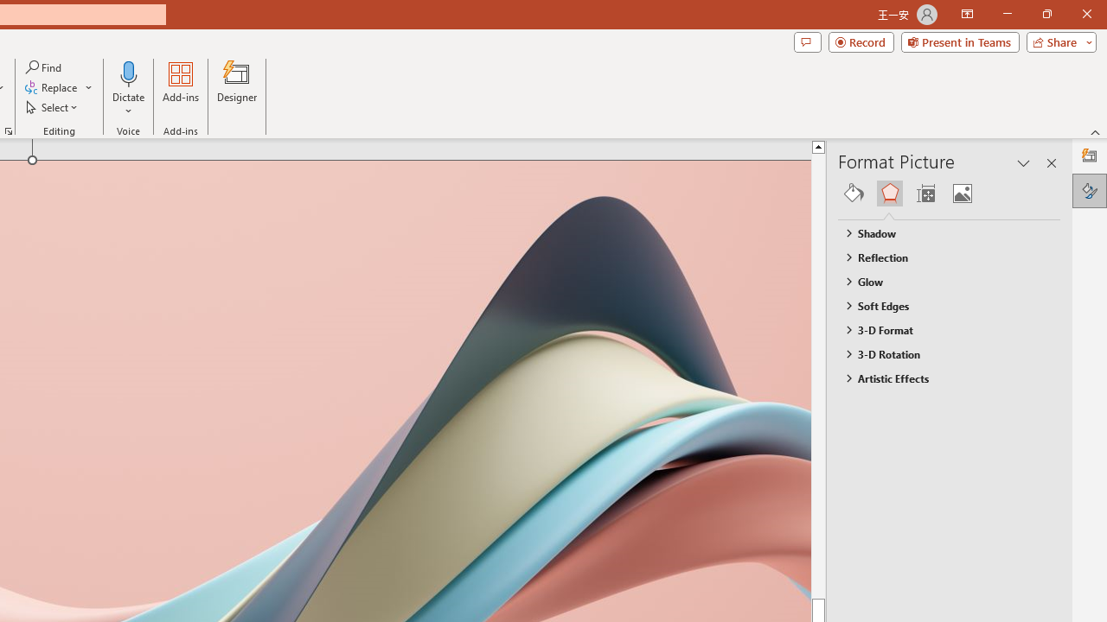 The image size is (1107, 622). Describe the element at coordinates (949, 193) in the screenshot. I see `'Class: NetUIGalleryContainer'` at that location.